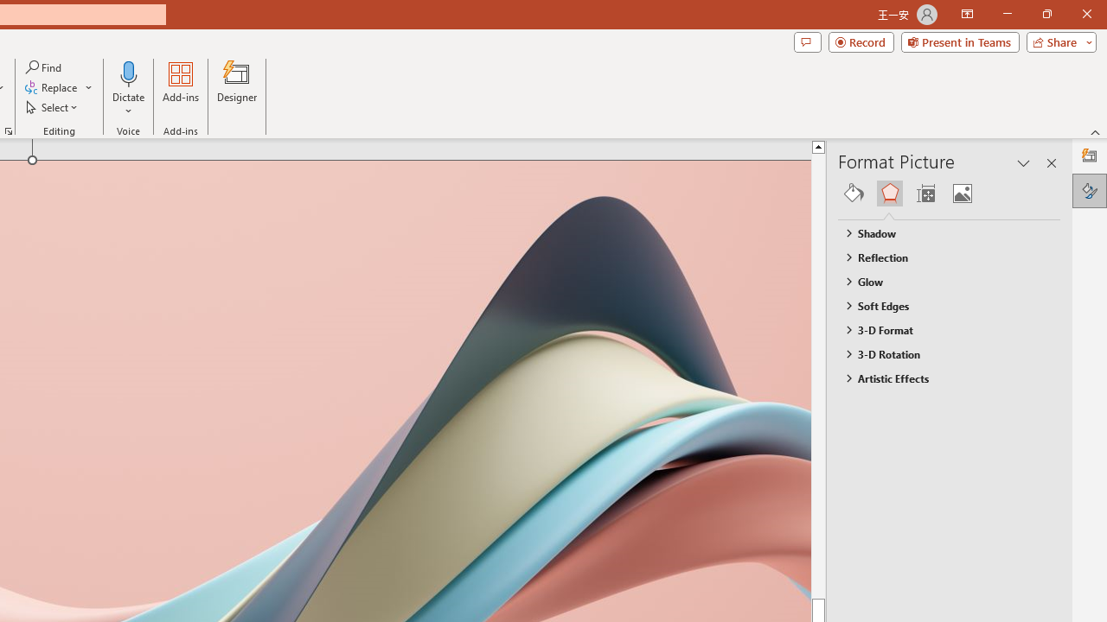 The image size is (1107, 622). Describe the element at coordinates (949, 193) in the screenshot. I see `'Class: NetUIGalleryContainer'` at that location.